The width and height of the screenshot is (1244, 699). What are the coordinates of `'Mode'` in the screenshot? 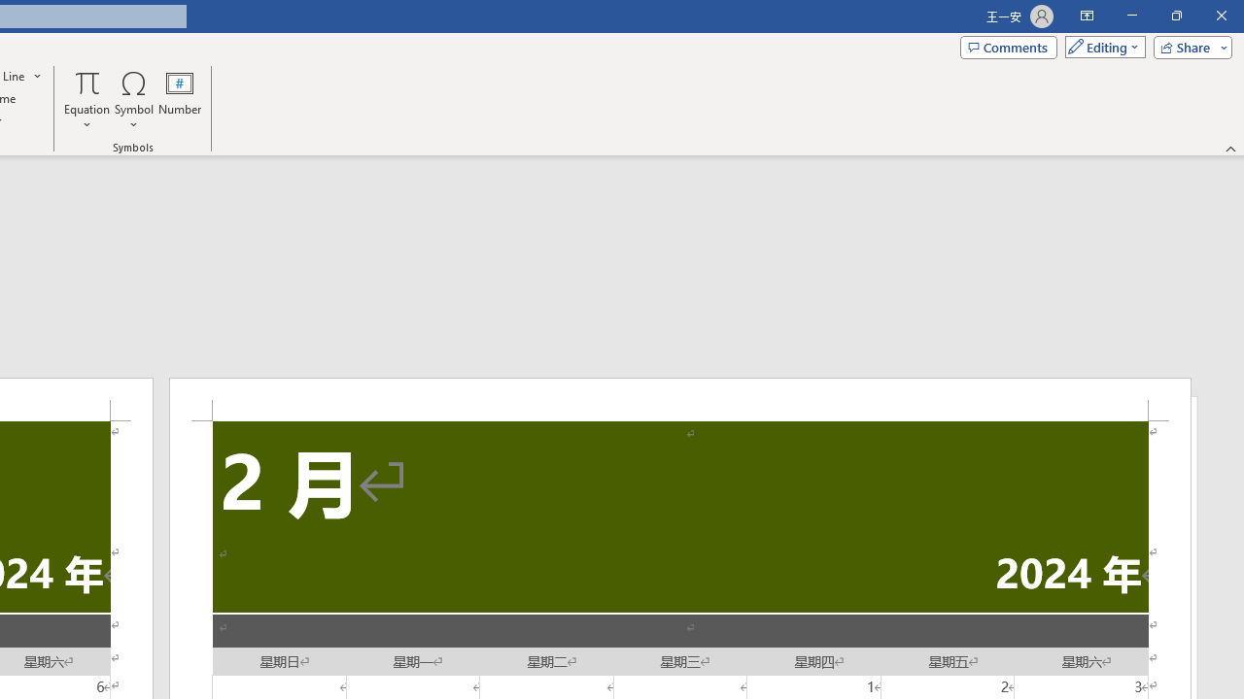 It's located at (1101, 46).